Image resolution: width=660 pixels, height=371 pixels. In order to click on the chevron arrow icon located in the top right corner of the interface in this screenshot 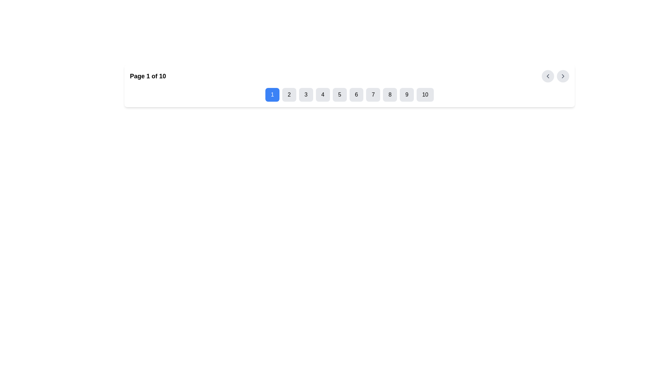, I will do `click(563, 76)`.